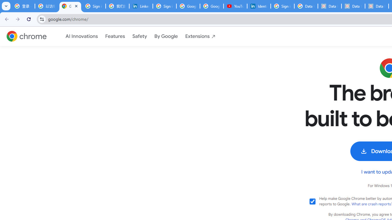 This screenshot has height=220, width=392. Describe the element at coordinates (200, 36) in the screenshot. I see `'extensions'` at that location.